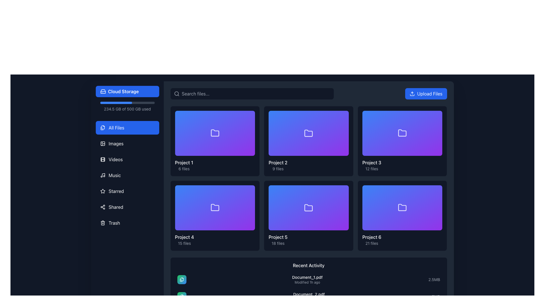 The image size is (544, 306). Describe the element at coordinates (116, 103) in the screenshot. I see `the filled portion of the progress bar segment that indicates used storage space in the cloud storage system, located in the left sidebar beneath the 'Cloud Storage' label` at that location.